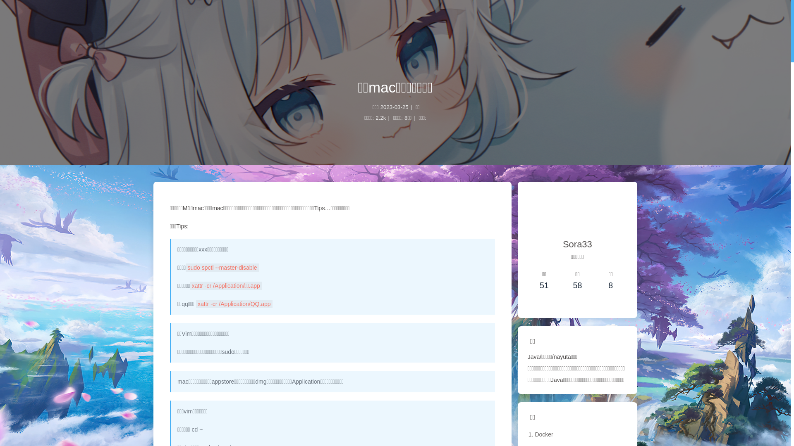  What do you see at coordinates (577, 434) in the screenshot?
I see `'1. Docker'` at bounding box center [577, 434].